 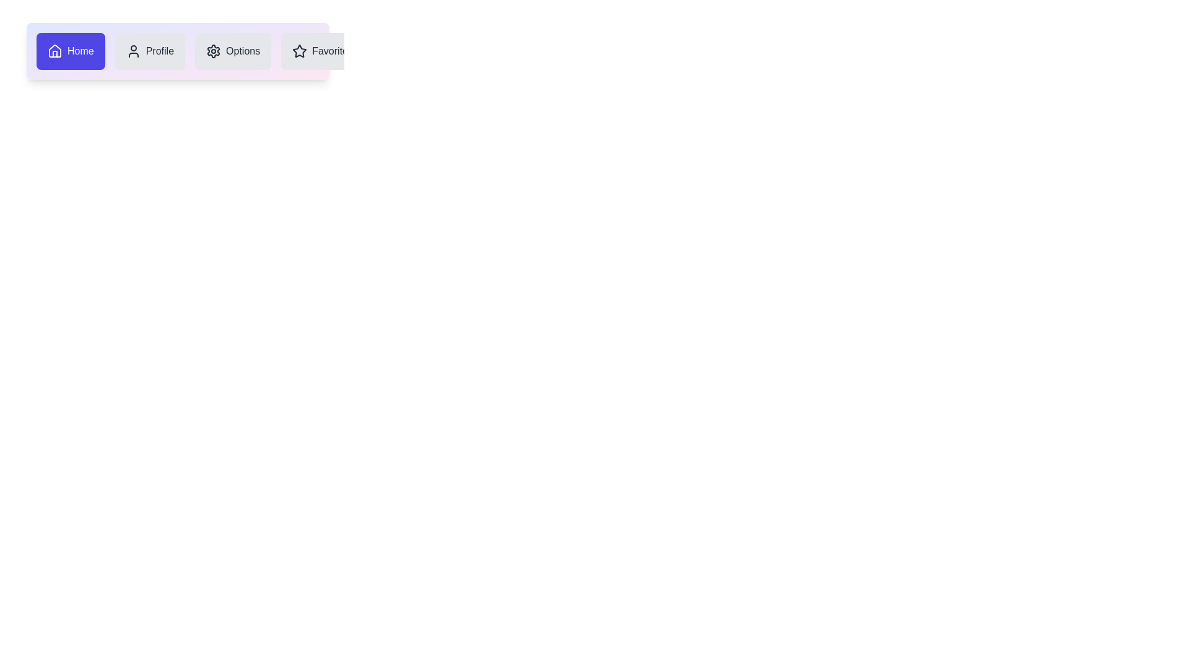 What do you see at coordinates (149, 51) in the screenshot?
I see `the navigation item Profile from the navigation bar` at bounding box center [149, 51].